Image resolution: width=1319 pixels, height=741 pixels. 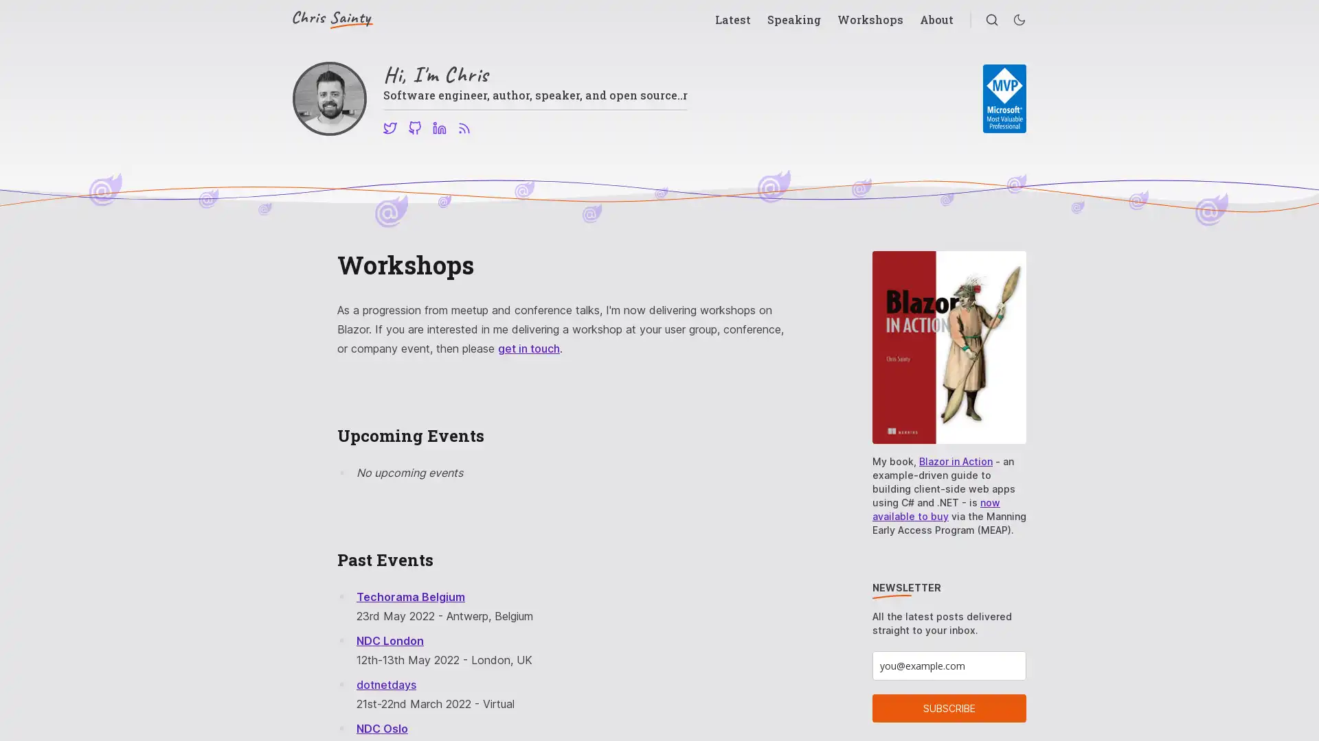 I want to click on SUBSCRIBE, so click(x=949, y=708).